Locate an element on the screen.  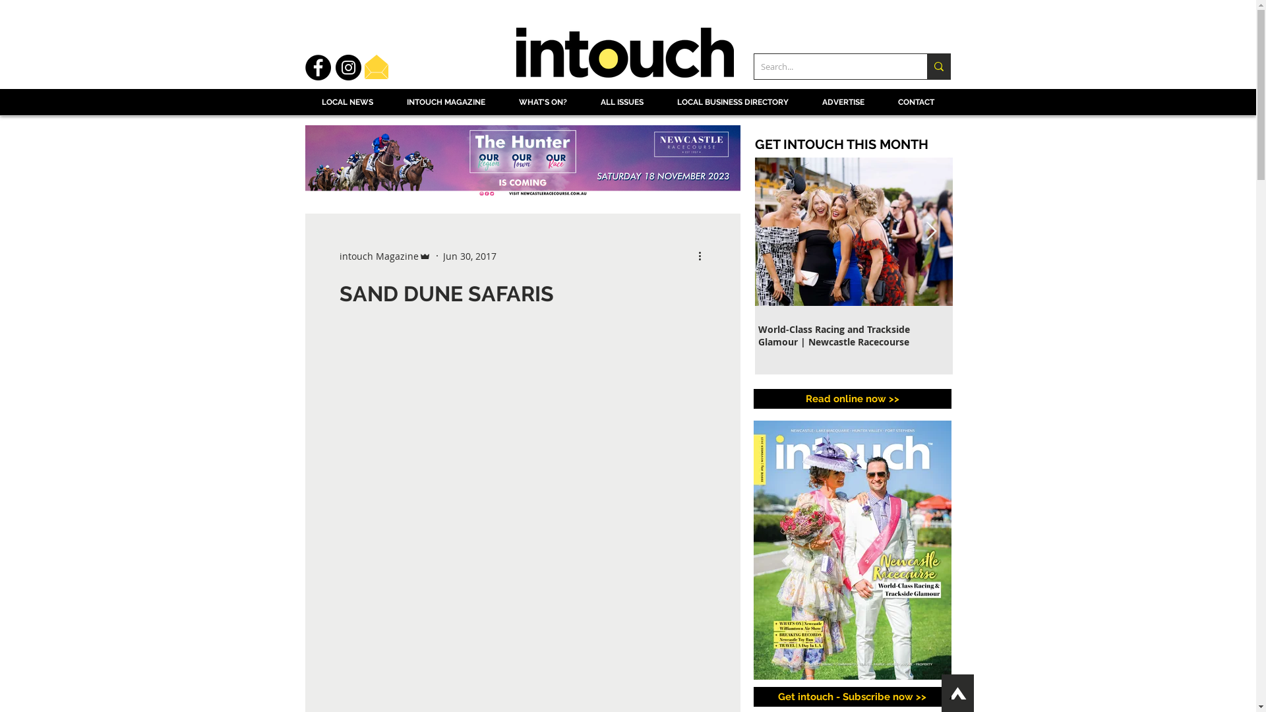
'LOCAL BUSINESS DIRECTORY' is located at coordinates (731, 105).